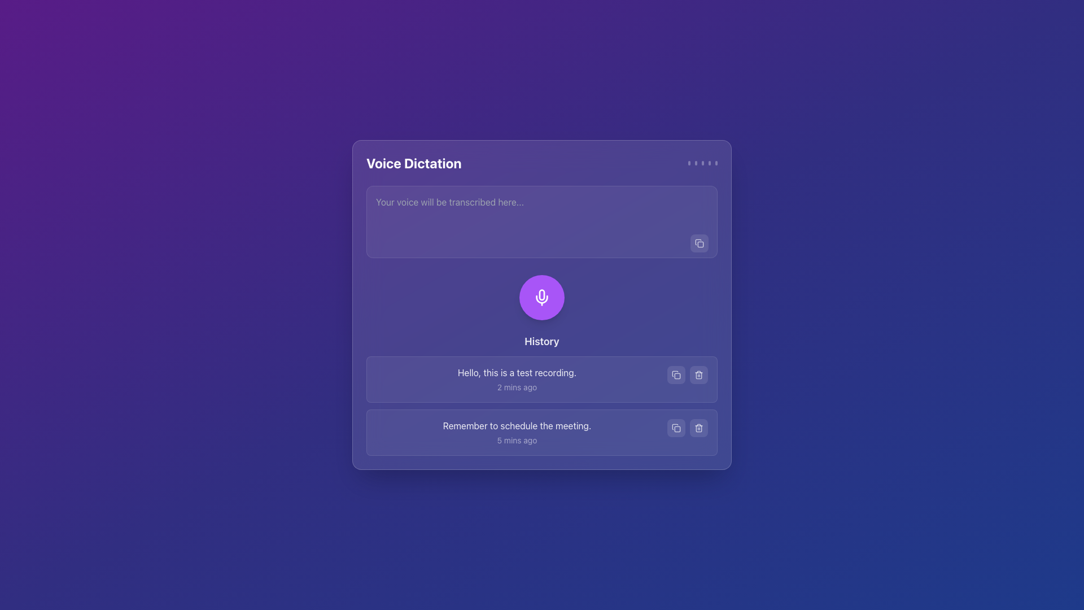 The image size is (1084, 610). I want to click on the 'History' label, which is a bold, white text on a dark purple background, located above the list of recordings, so click(542, 341).